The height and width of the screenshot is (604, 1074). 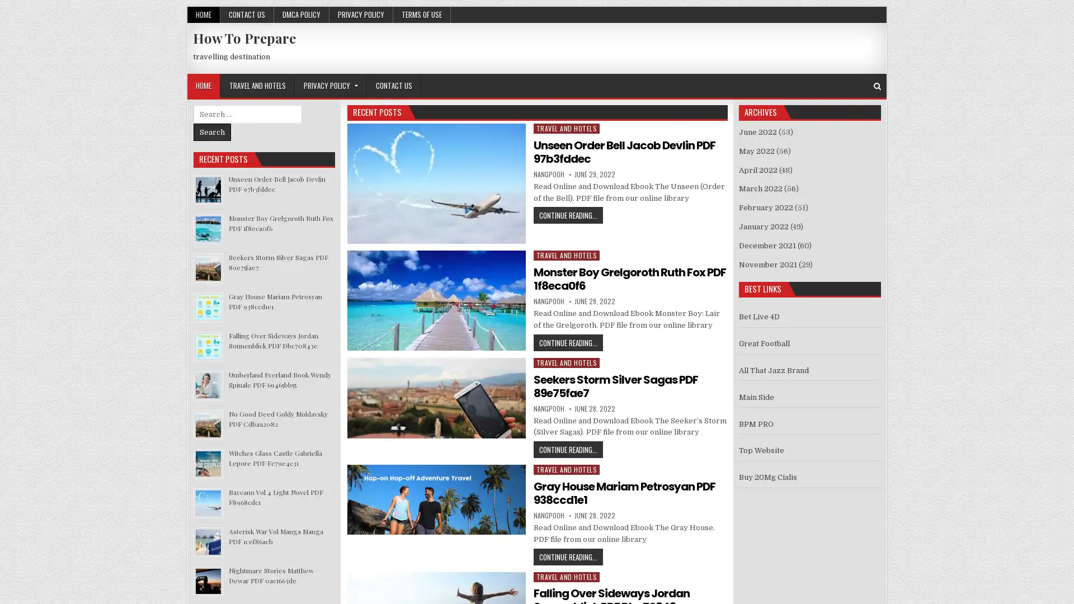 What do you see at coordinates (211, 131) in the screenshot?
I see `Search` at bounding box center [211, 131].